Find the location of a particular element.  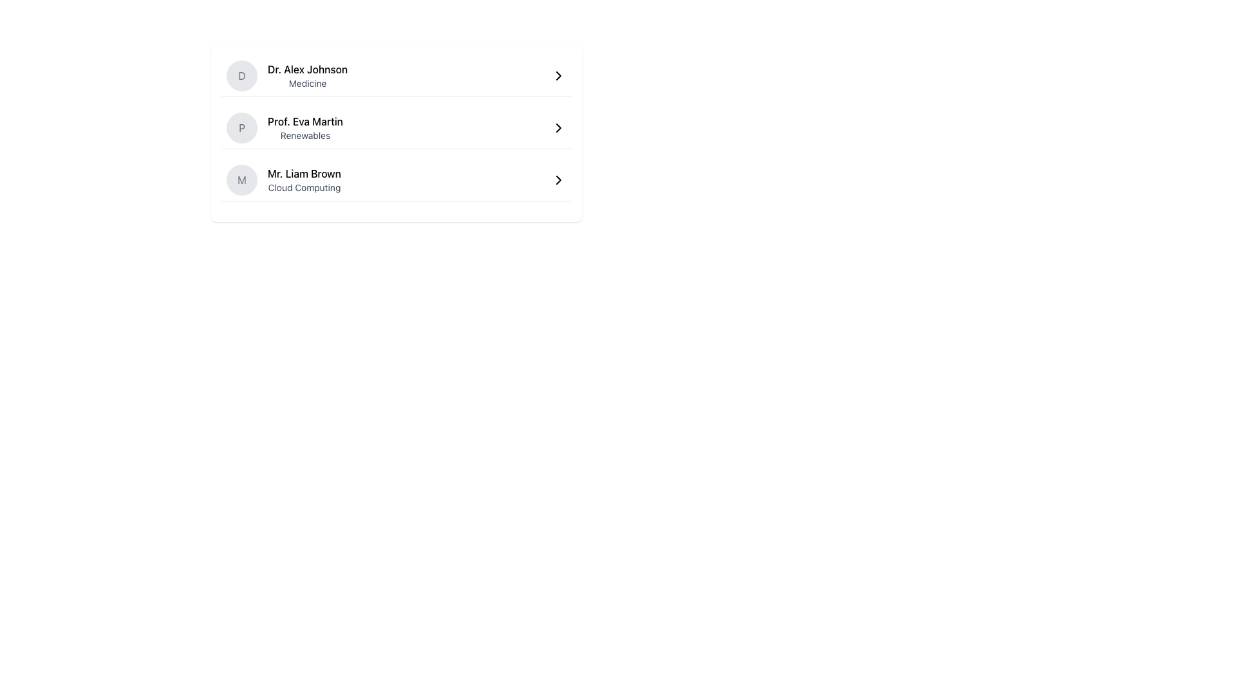

the list entry for 'Dr. Alex Johnson' is located at coordinates (395, 76).